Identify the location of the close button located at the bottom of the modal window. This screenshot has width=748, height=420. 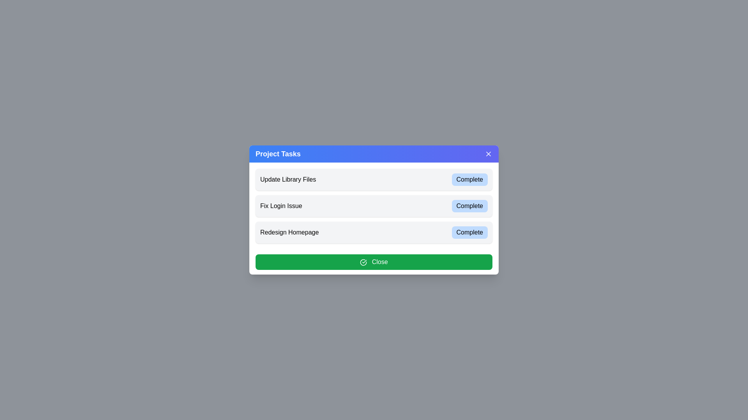
(374, 262).